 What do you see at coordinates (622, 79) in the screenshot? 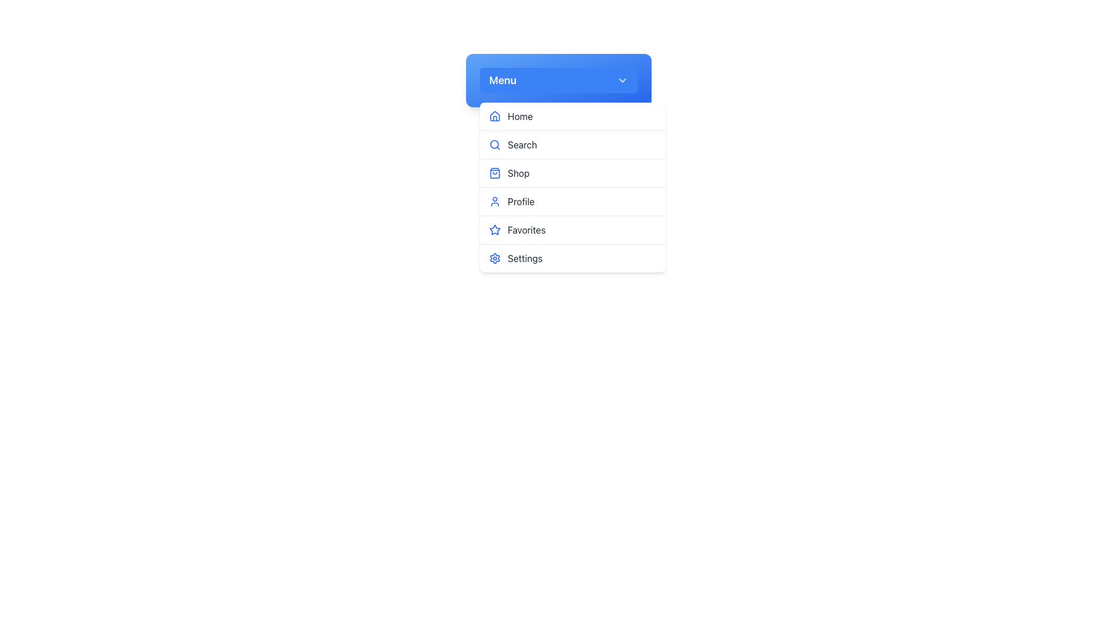
I see `the downward-pointing chevron icon located at the far-right end of the 'Menu' button in the blue header` at bounding box center [622, 79].